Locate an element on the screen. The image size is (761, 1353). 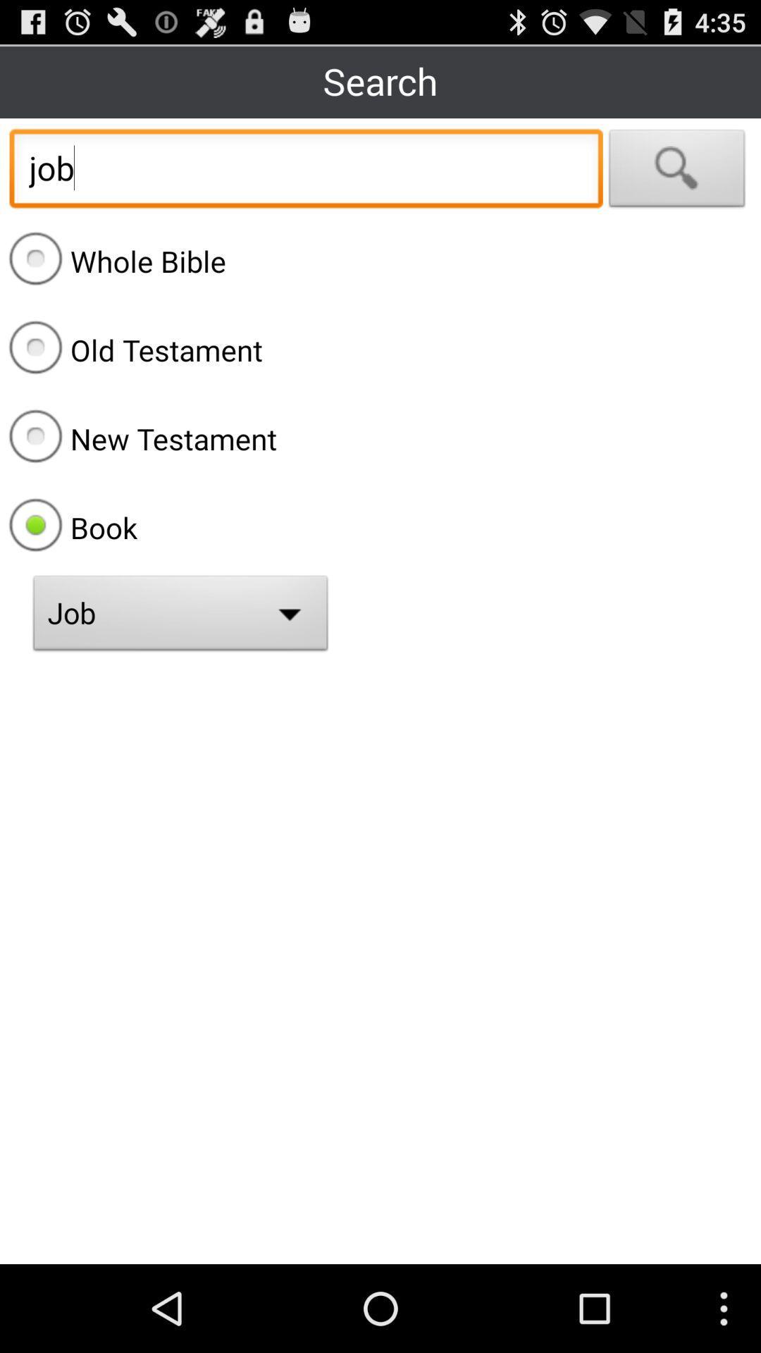
the search icon is located at coordinates (676, 183).